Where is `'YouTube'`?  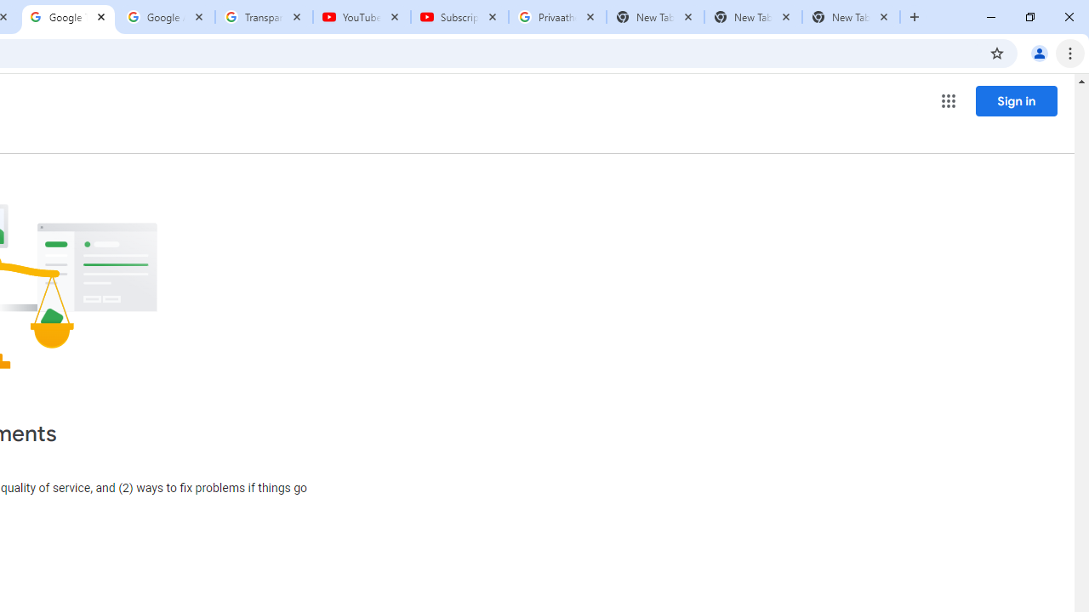 'YouTube' is located at coordinates (360, 17).